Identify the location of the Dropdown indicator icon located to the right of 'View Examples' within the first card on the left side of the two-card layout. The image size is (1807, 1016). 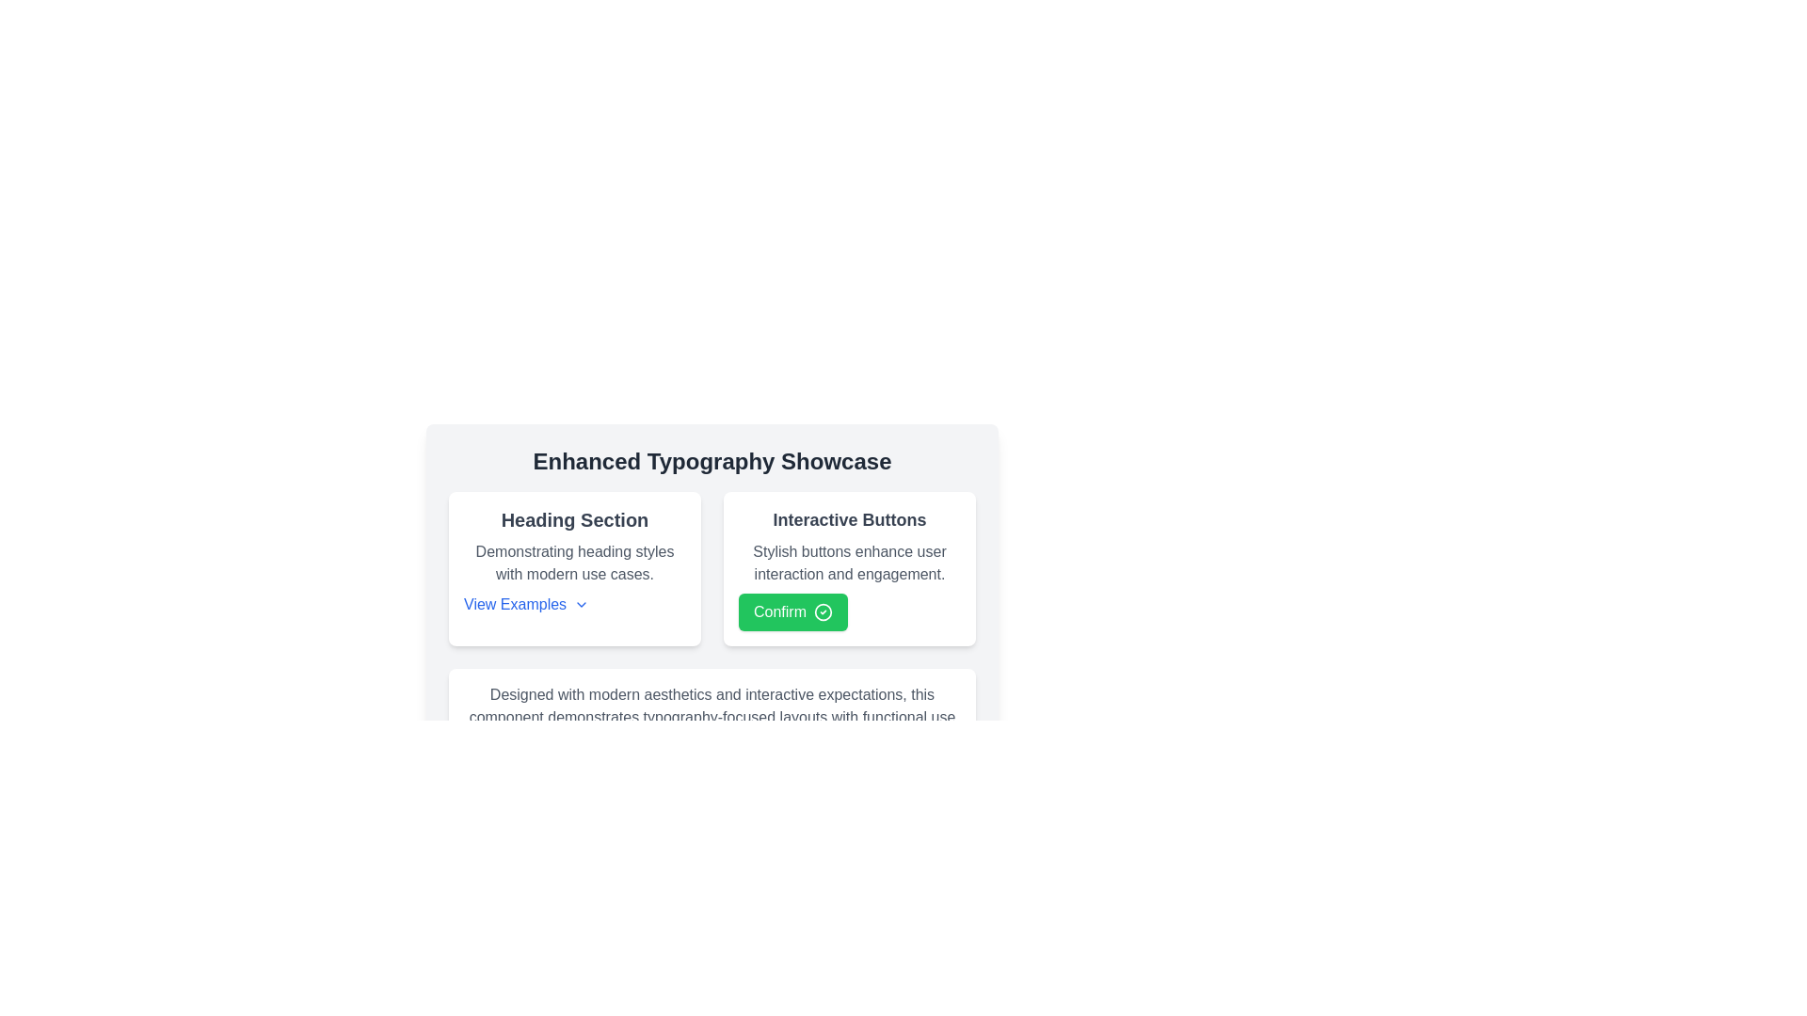
(581, 605).